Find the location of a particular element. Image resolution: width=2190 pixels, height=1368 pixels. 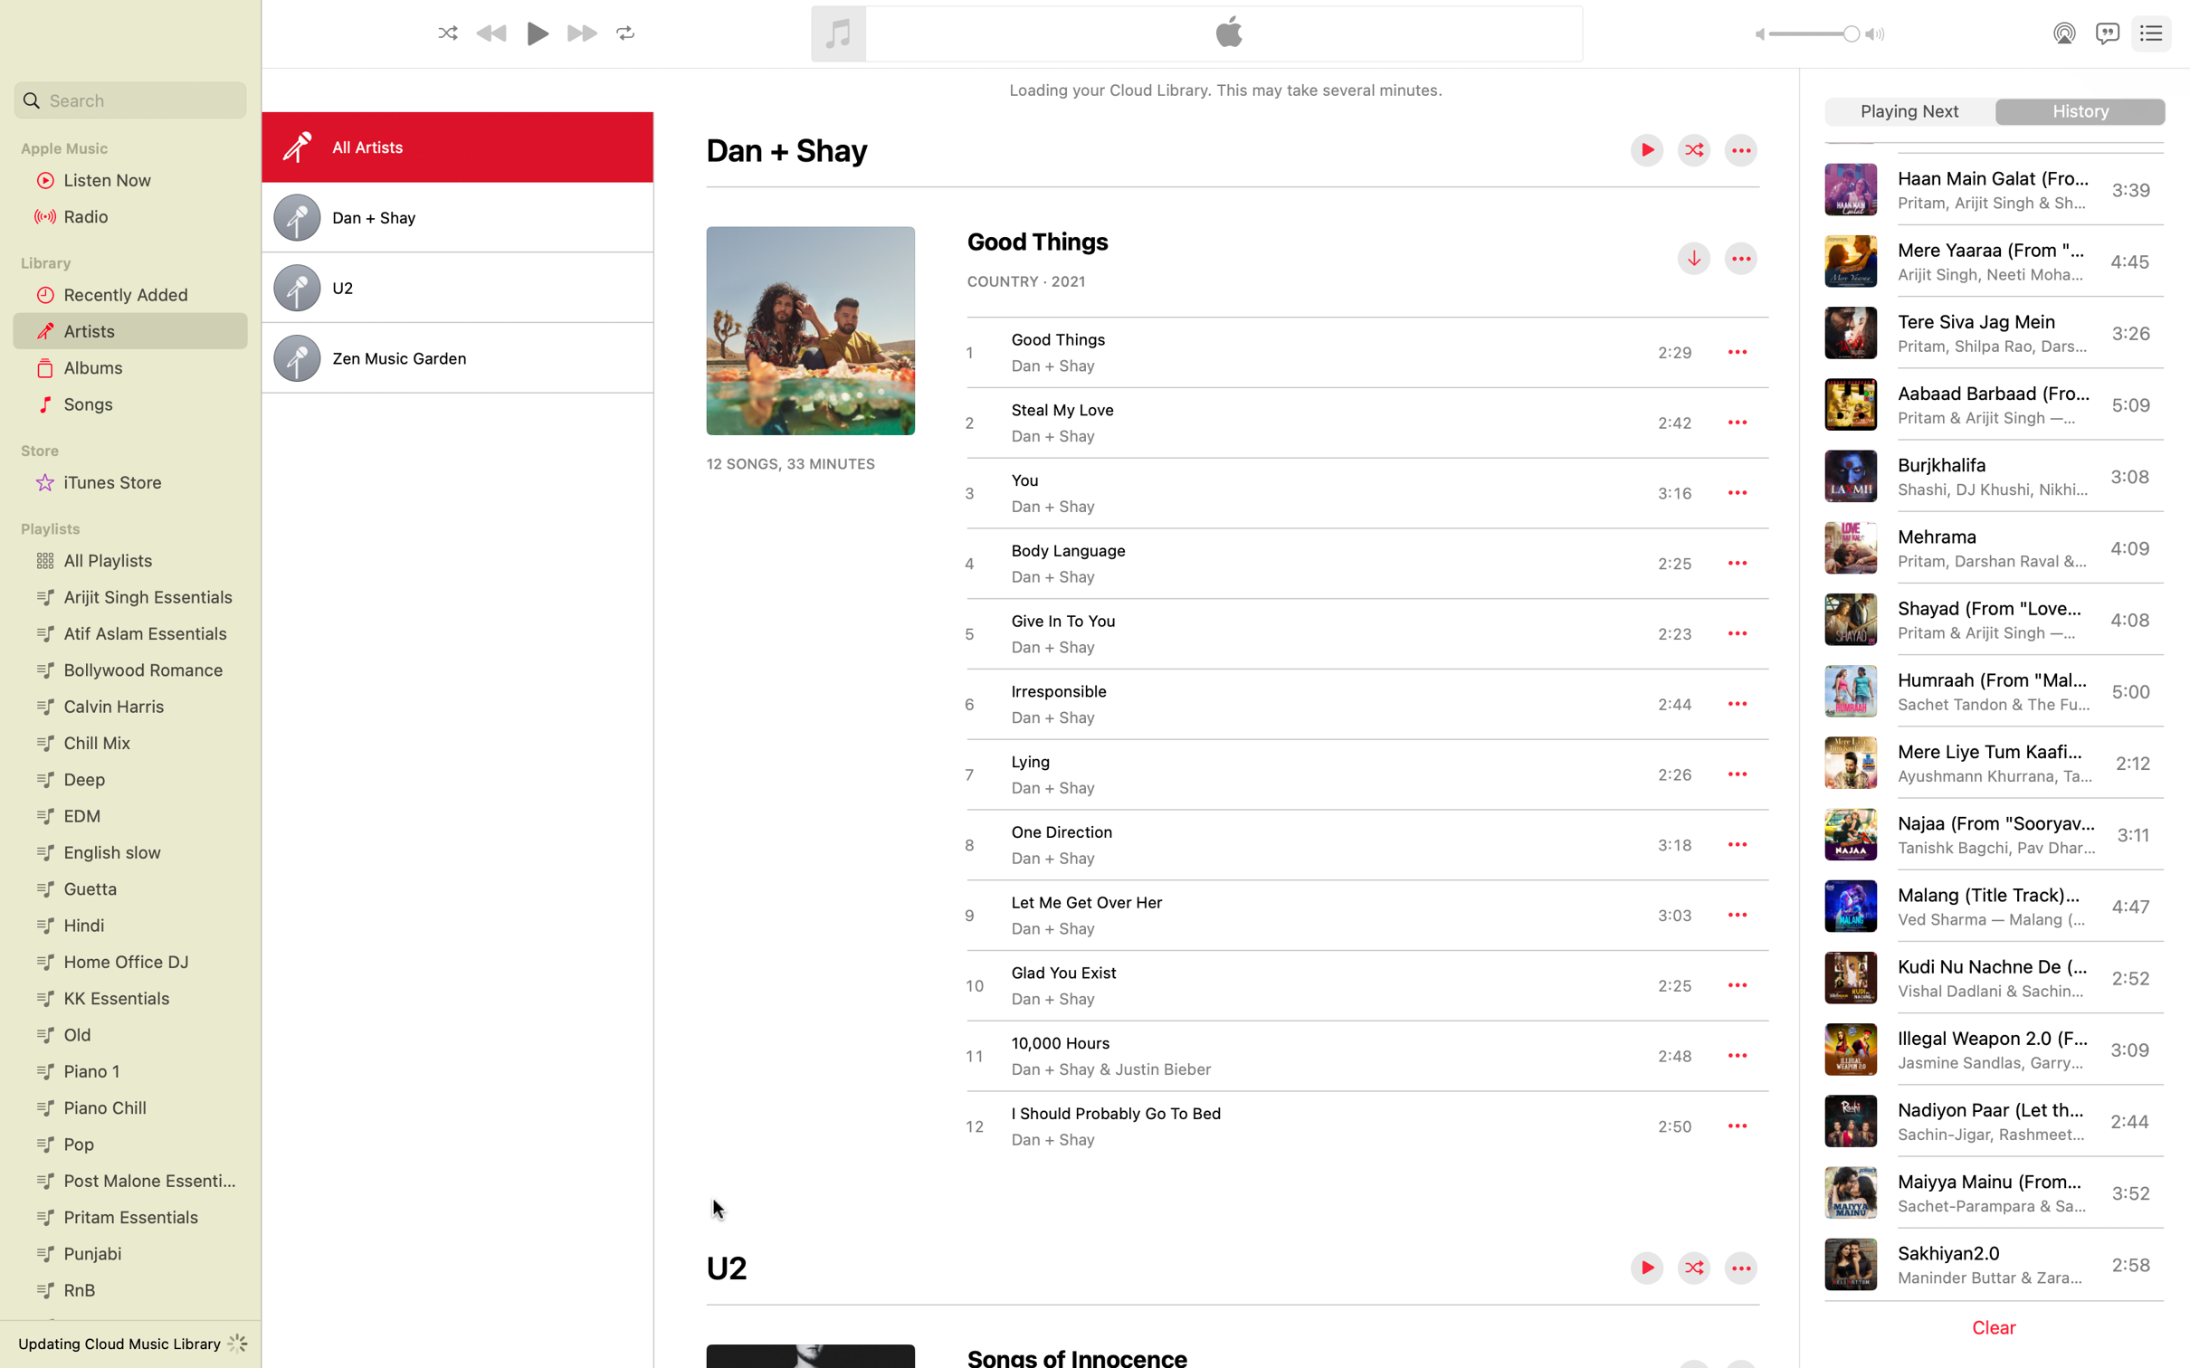

Execute the song "Mere Liye Tum Kaafi is located at coordinates (1991, 762).